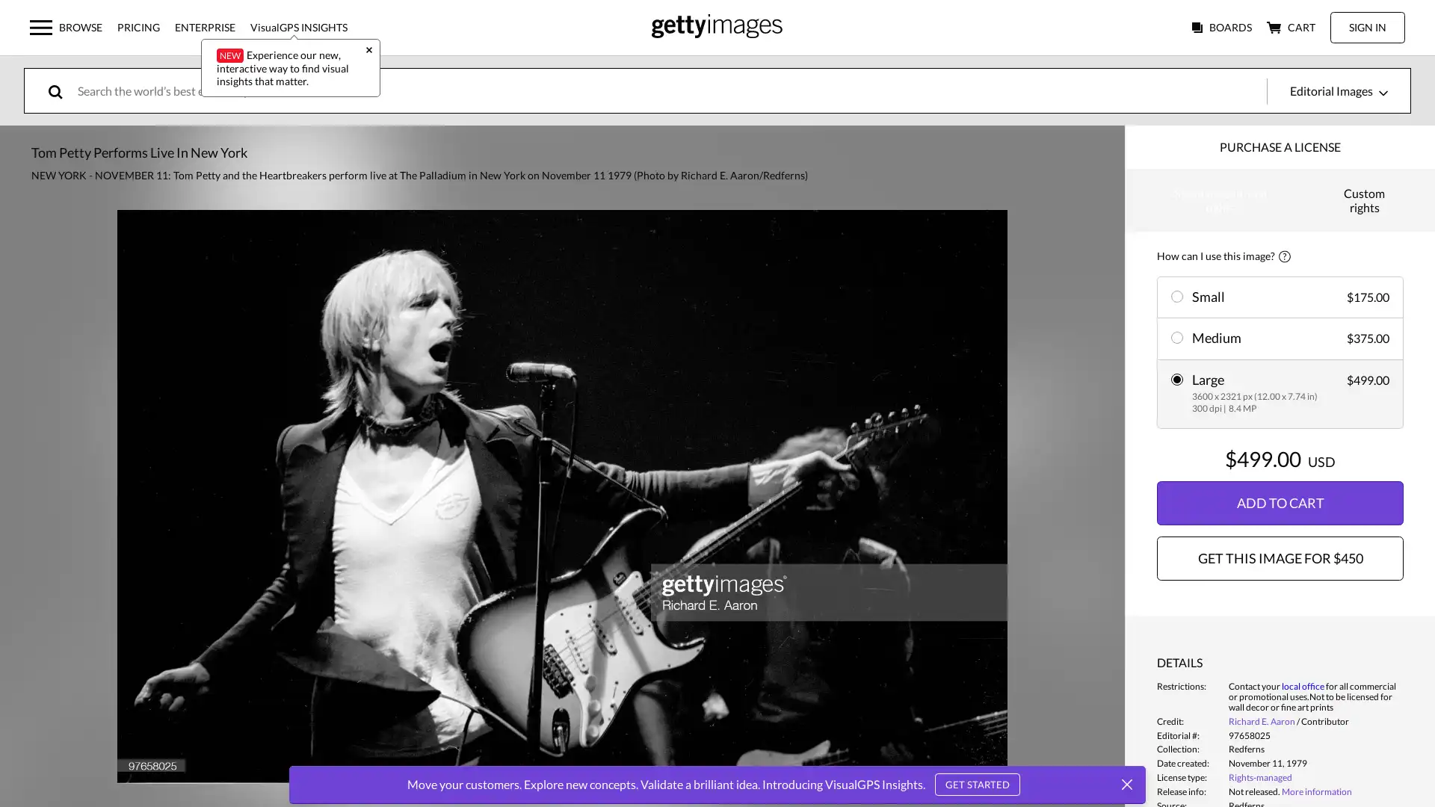  I want to click on GET THIS IMAGE FOR $450, so click(1280, 558).